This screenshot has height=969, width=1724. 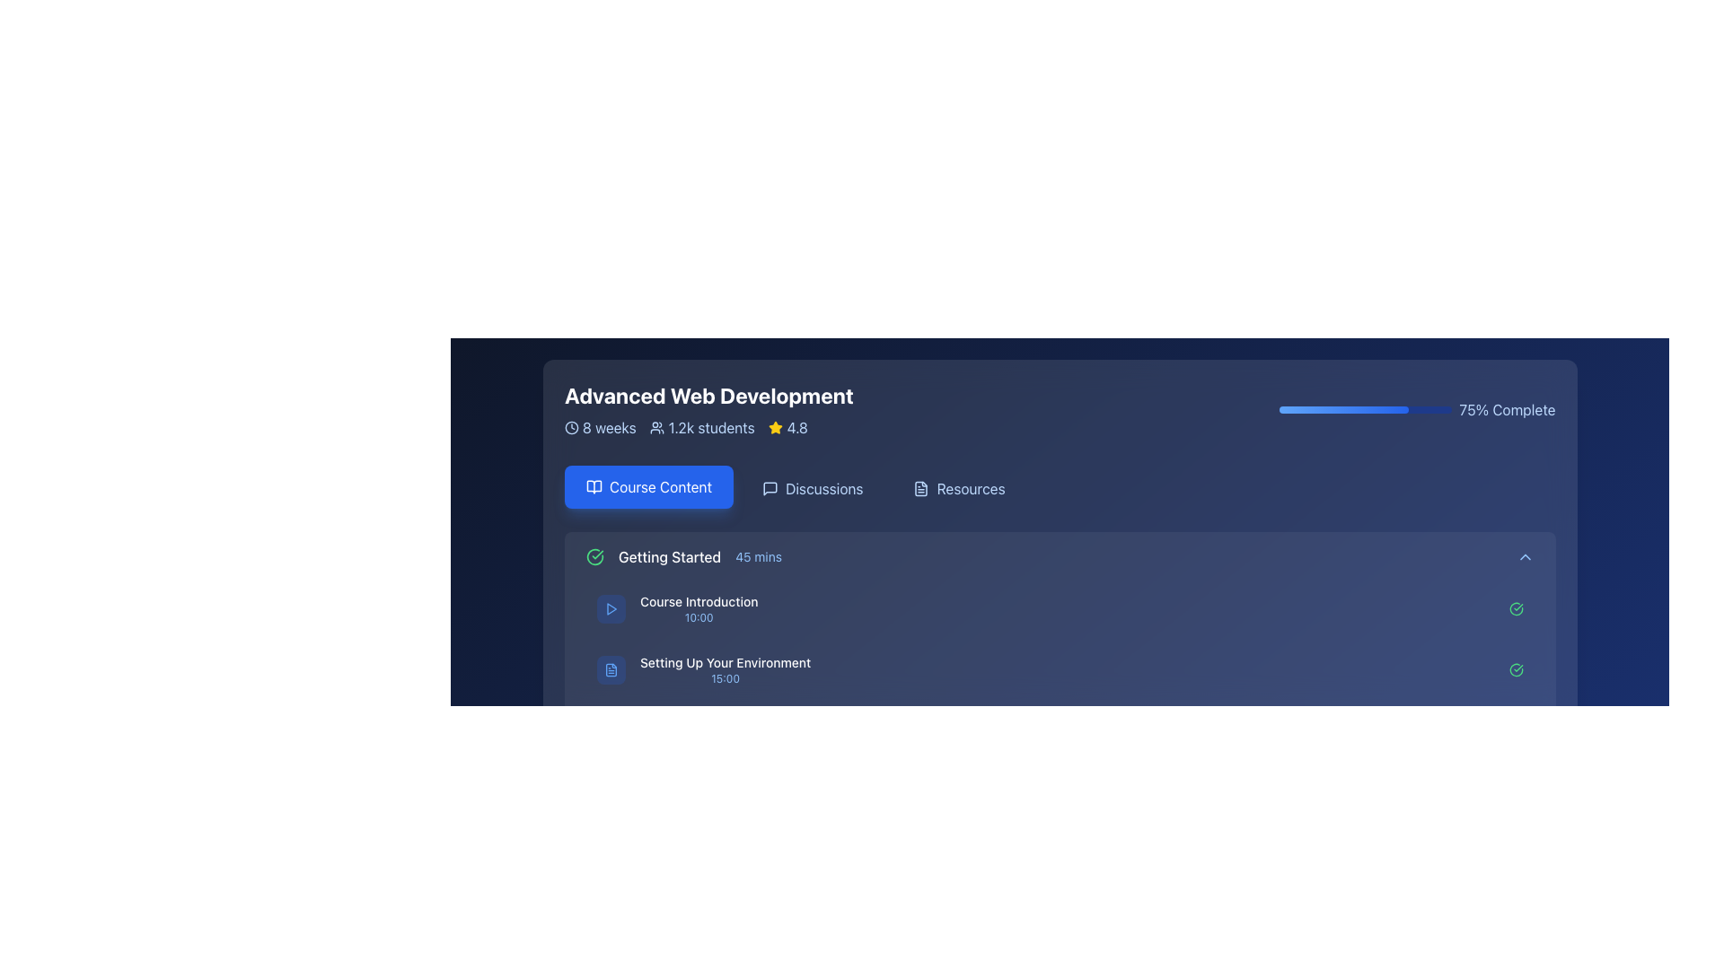 I want to click on the bordered circle indicator, which has a white interior and a blue border, so click(x=594, y=812).